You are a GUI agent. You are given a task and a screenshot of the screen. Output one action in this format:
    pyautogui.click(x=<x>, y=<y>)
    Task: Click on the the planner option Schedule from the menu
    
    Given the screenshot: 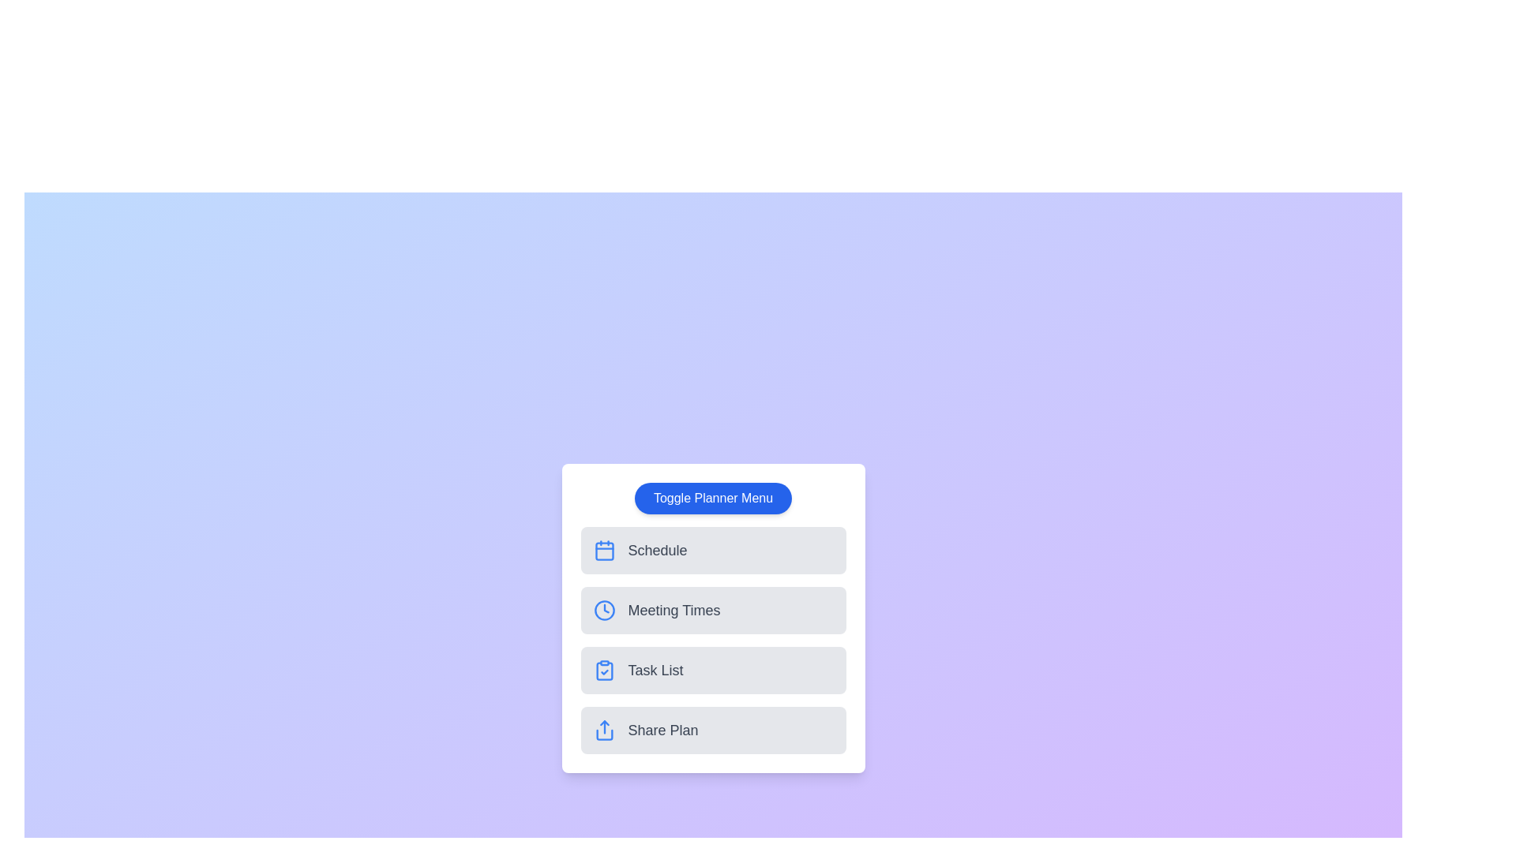 What is the action you would take?
    pyautogui.click(x=712, y=550)
    